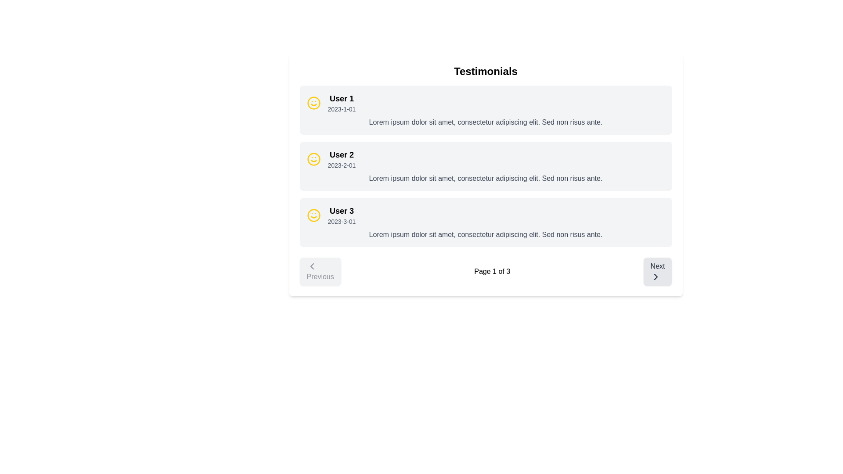 This screenshot has width=843, height=474. Describe the element at coordinates (485, 271) in the screenshot. I see `displayed text from the Text indicator located in the pagination bar at the bottom of the testimonials section, centered between the 'Previous' and 'Next' buttons` at that location.